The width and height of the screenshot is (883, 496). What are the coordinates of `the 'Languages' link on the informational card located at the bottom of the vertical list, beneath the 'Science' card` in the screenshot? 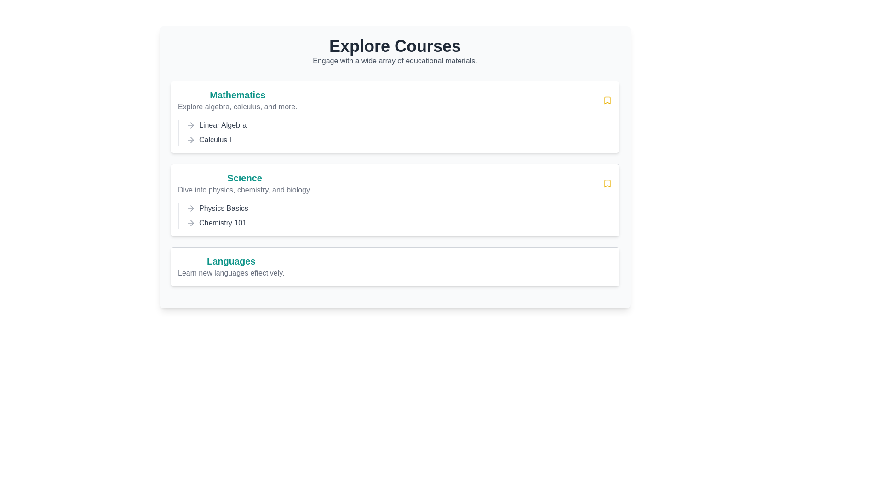 It's located at (395, 266).